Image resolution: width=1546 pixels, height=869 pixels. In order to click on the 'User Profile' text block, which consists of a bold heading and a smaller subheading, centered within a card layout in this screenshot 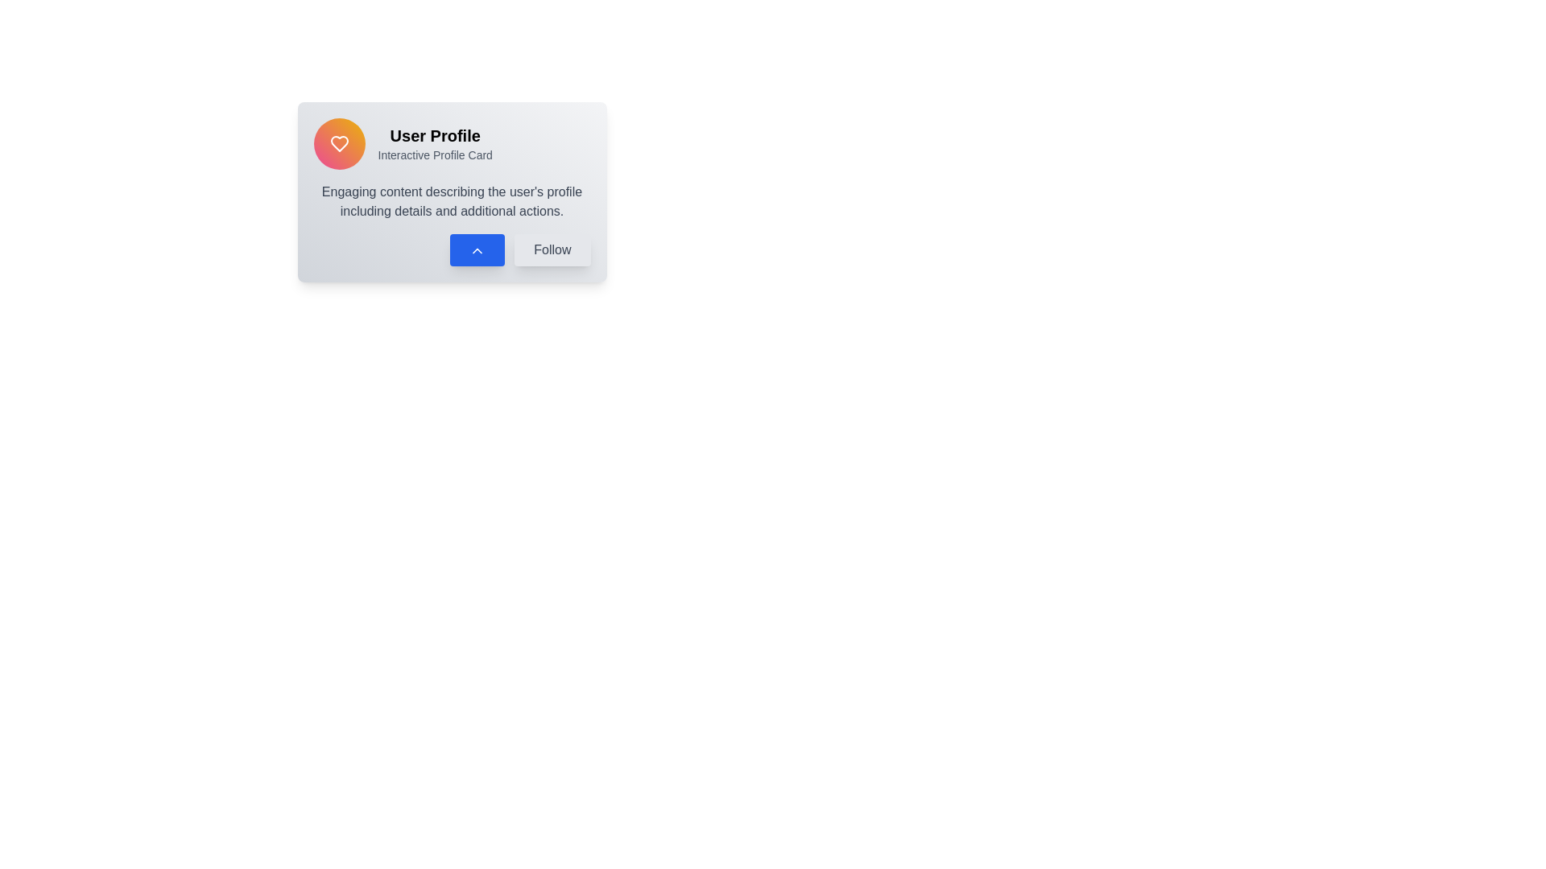, I will do `click(435, 142)`.